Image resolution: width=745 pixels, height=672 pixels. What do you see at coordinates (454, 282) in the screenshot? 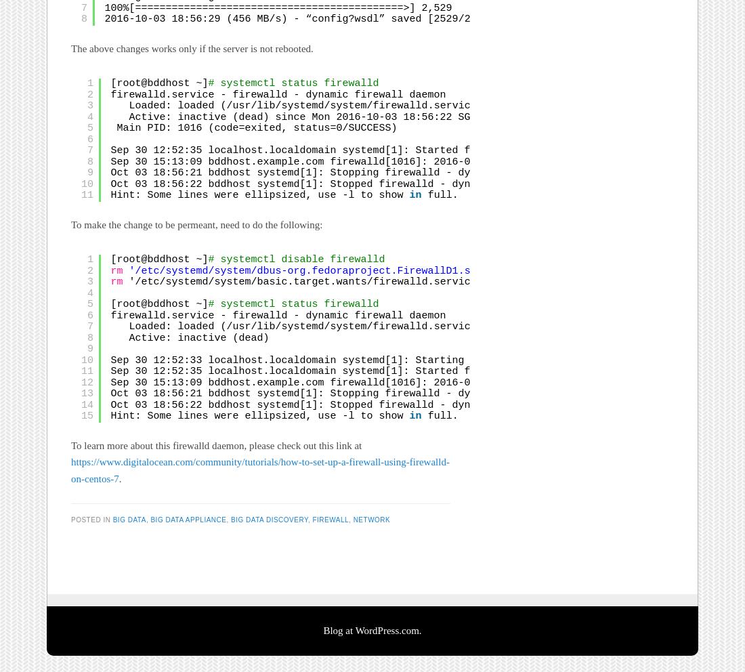
I see `'.service’'` at bounding box center [454, 282].